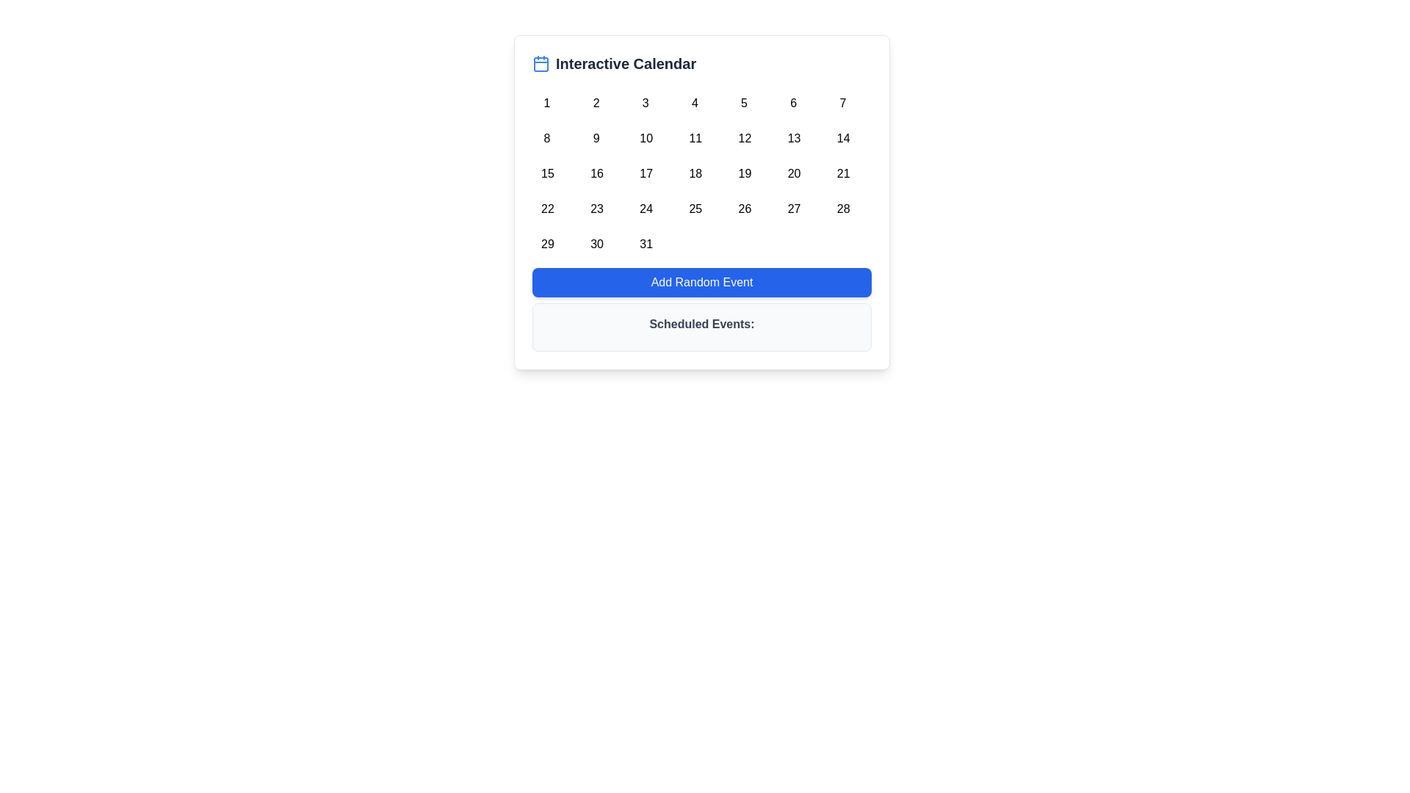 Image resolution: width=1410 pixels, height=793 pixels. What do you see at coordinates (596, 136) in the screenshot?
I see `the square-shaped button with a rounded corner that contains the number '9', located in the second row and second column of the grid layout` at bounding box center [596, 136].